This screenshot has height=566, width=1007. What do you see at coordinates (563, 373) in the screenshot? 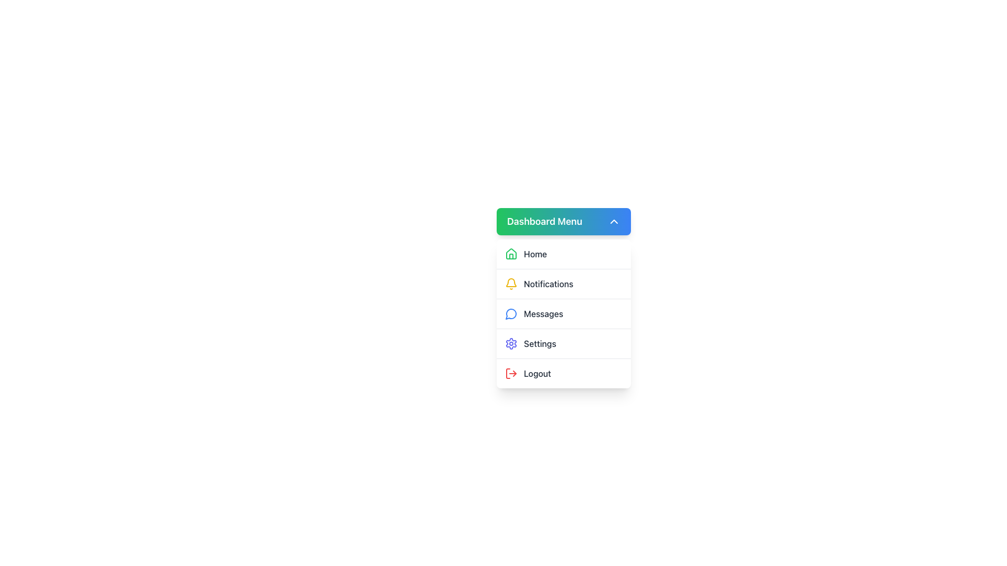
I see `the 'Logout' menu item, which is identifiable by its red arrow icon and medium weight gray text, positioned below the 'Settings' menu item in the vertical menu` at bounding box center [563, 373].